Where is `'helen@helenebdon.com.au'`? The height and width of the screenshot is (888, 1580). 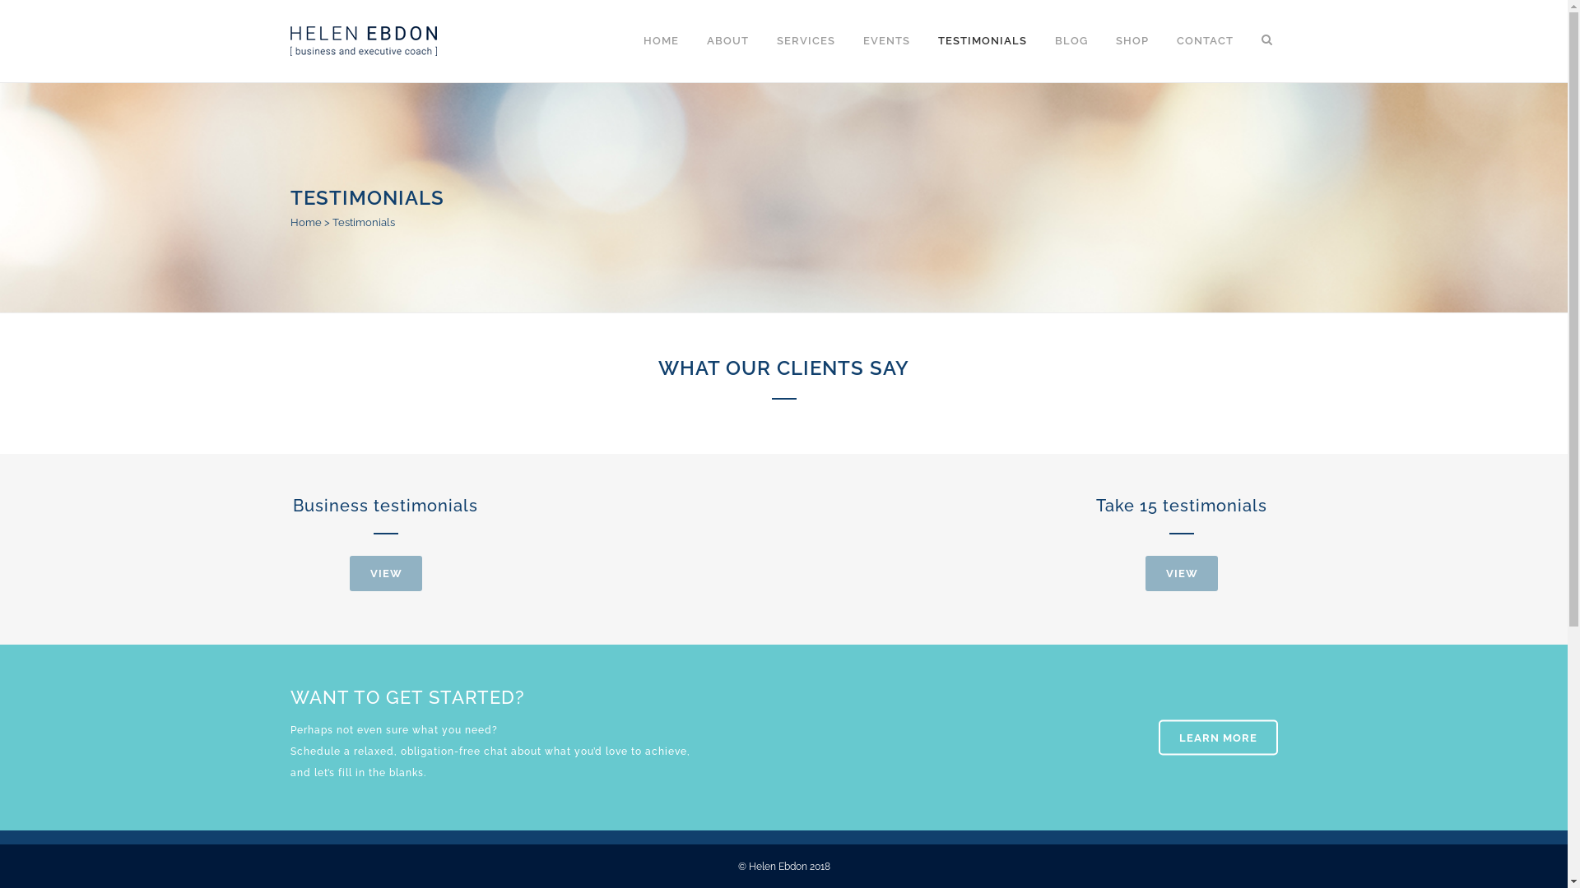
'helen@helenebdon.com.au' is located at coordinates (398, 697).